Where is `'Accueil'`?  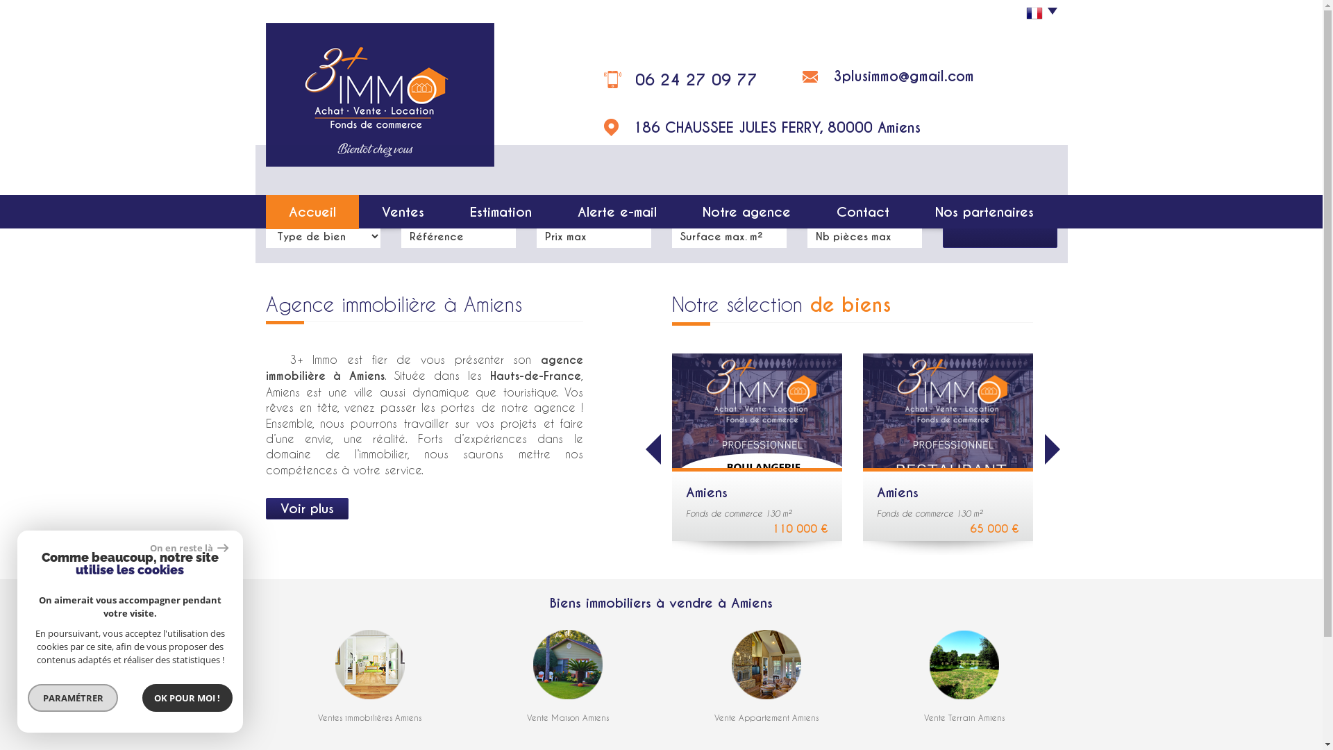
'Accueil' is located at coordinates (311, 212).